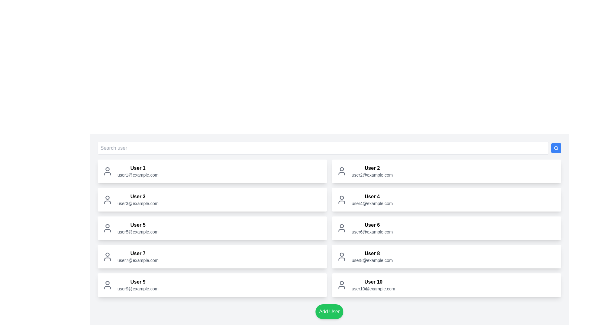 The width and height of the screenshot is (595, 334). I want to click on the decorative circular graphical element integrated within the user icon for 'User 2' located in the right-hand column of the list, so click(342, 169).